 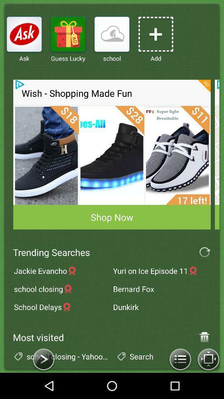 What do you see at coordinates (204, 269) in the screenshot?
I see `the refresh icon` at bounding box center [204, 269].